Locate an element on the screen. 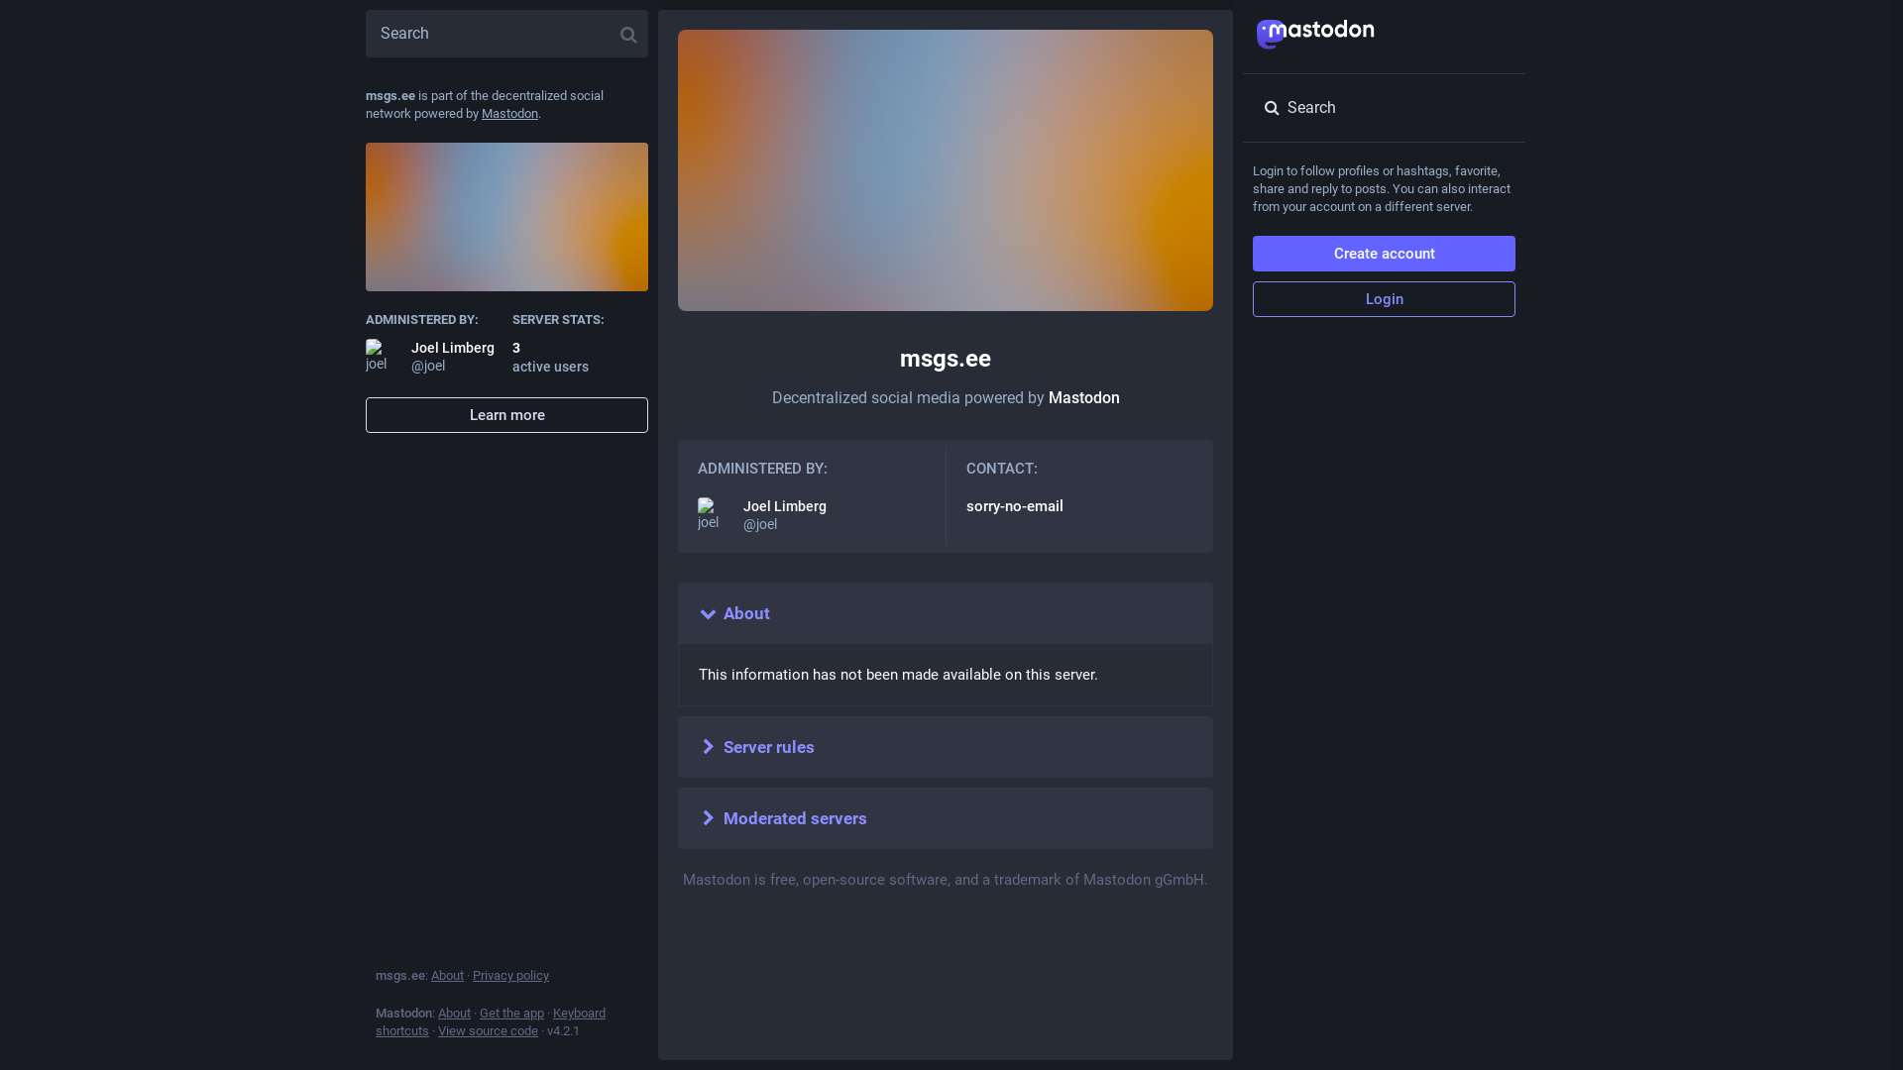 This screenshot has height=1070, width=1903. 'Login' is located at coordinates (1383, 298).